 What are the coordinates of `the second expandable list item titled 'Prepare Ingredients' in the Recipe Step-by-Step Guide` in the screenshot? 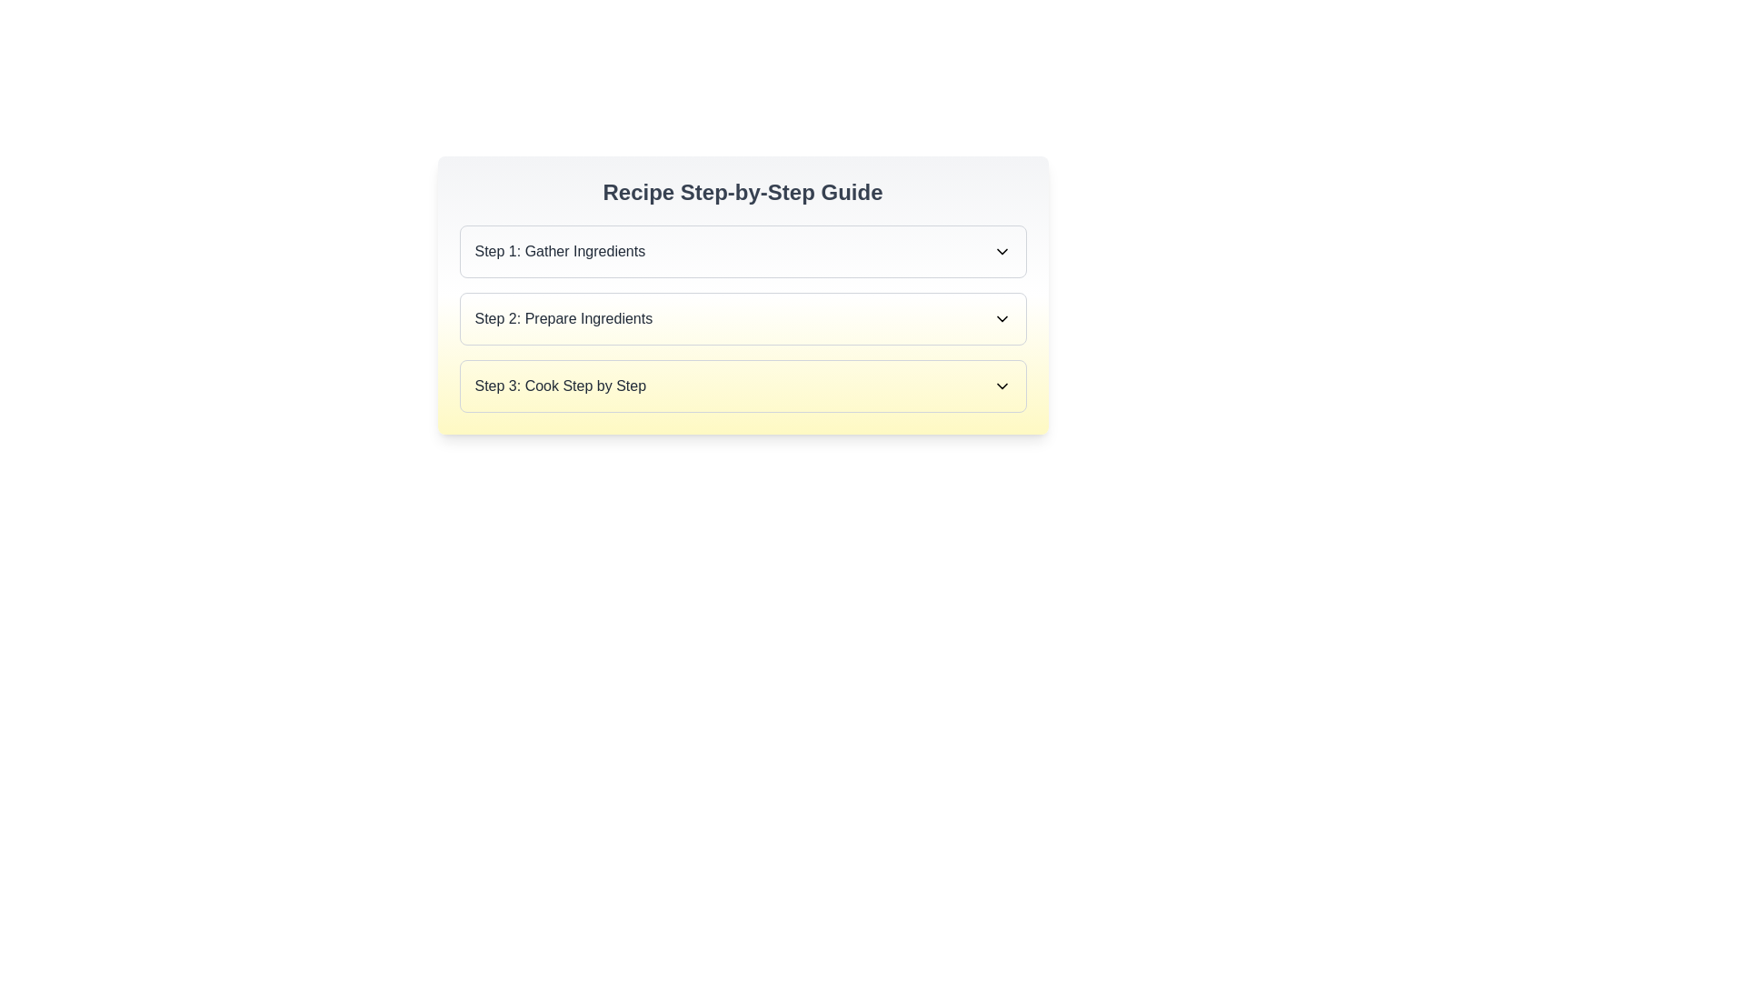 It's located at (743, 318).